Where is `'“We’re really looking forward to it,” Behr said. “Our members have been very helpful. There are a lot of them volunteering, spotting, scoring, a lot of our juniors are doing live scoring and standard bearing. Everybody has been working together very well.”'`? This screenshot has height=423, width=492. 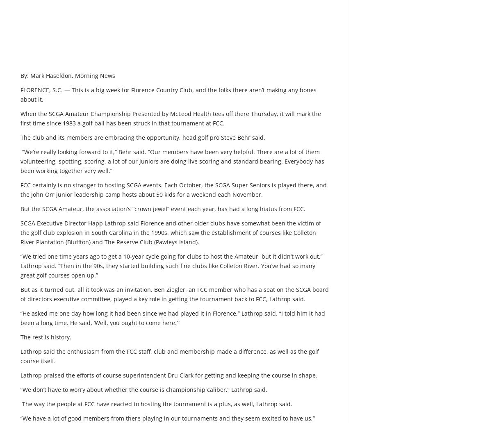 '“We’re really looking forward to it,” Behr said. “Our members have been very helpful. There are a lot of them volunteering, spotting, scoring, a lot of our juniors are doing live scoring and standard bearing. Everybody has been working together very well.”' is located at coordinates (172, 160).